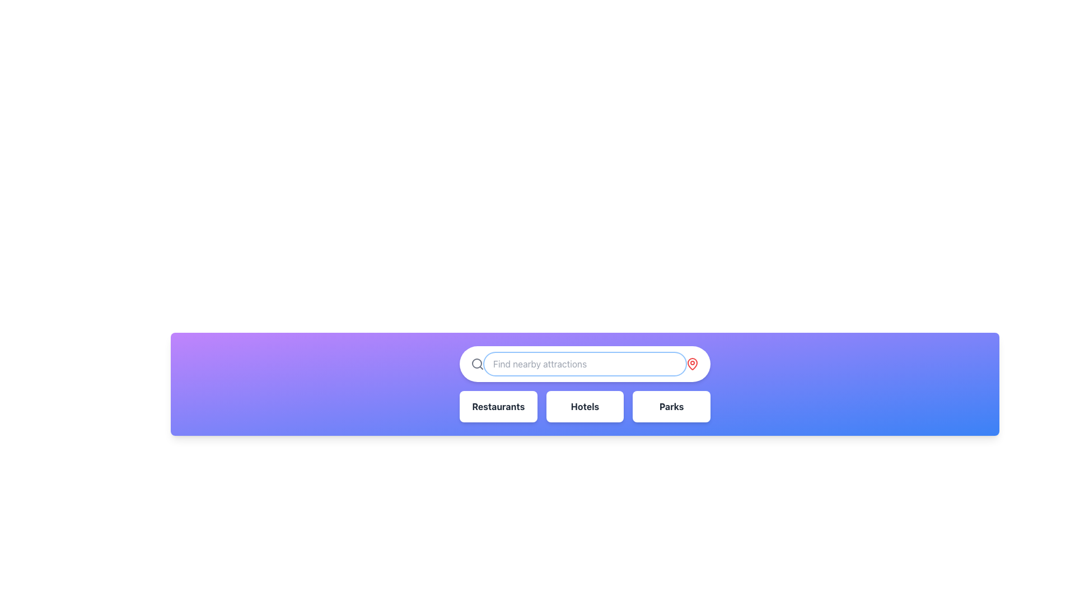 This screenshot has height=605, width=1075. I want to click on the circular part of the search icon located on the left side of the input field labeled 'Find nearby attractions.', so click(476, 363).